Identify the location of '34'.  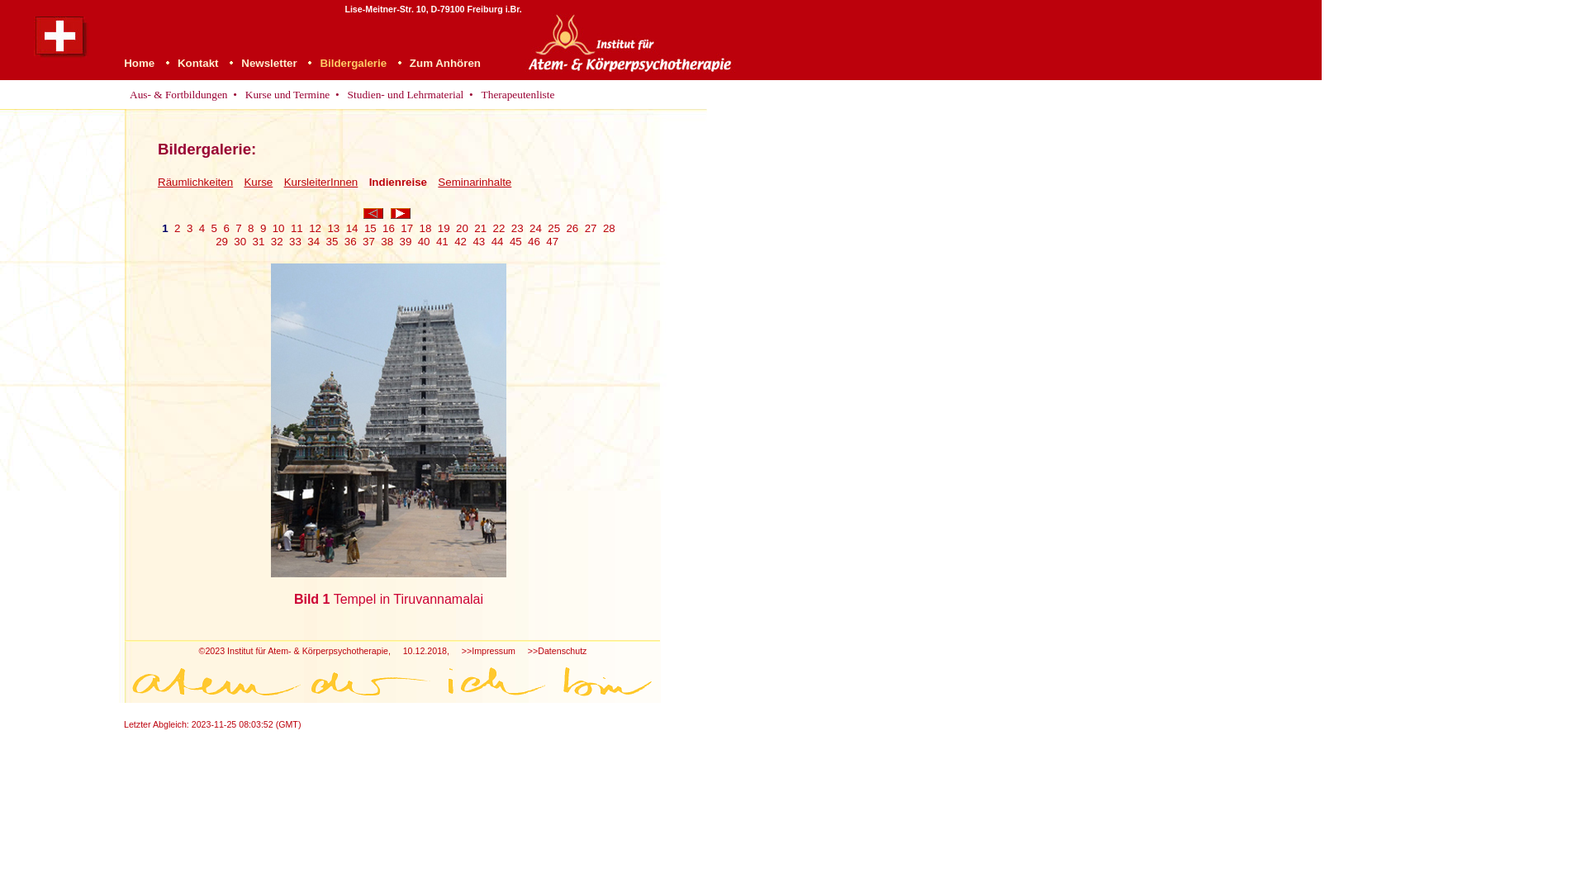
(313, 241).